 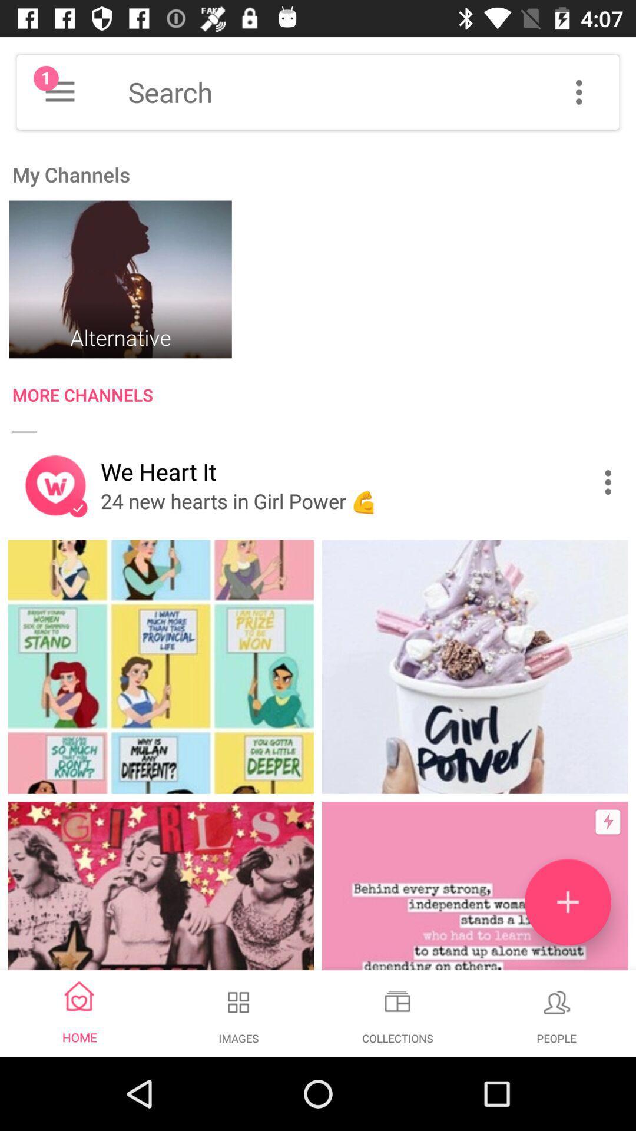 I want to click on the add icon, so click(x=567, y=901).